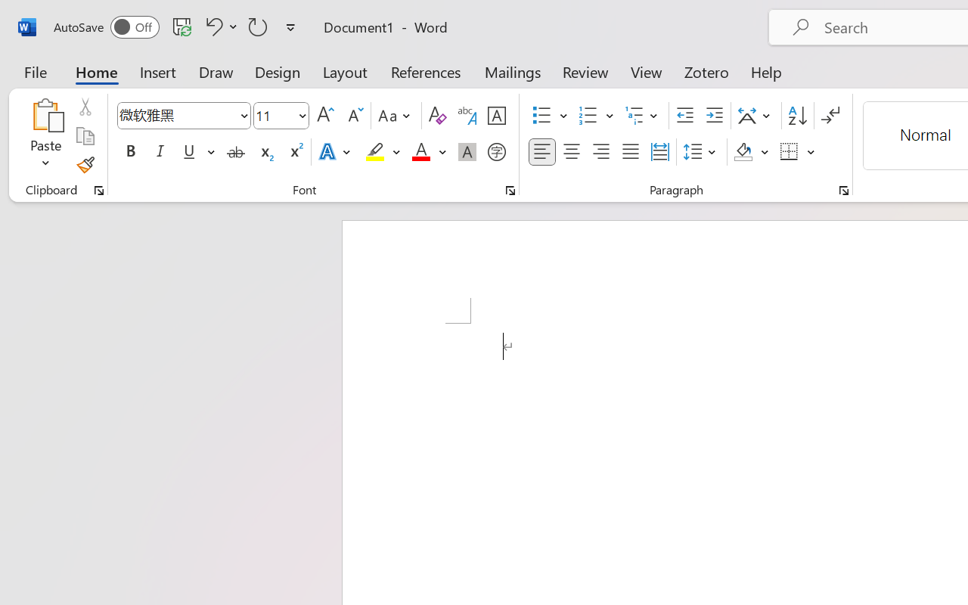 Image resolution: width=968 pixels, height=605 pixels. I want to click on 'Repeat Style', so click(258, 26).